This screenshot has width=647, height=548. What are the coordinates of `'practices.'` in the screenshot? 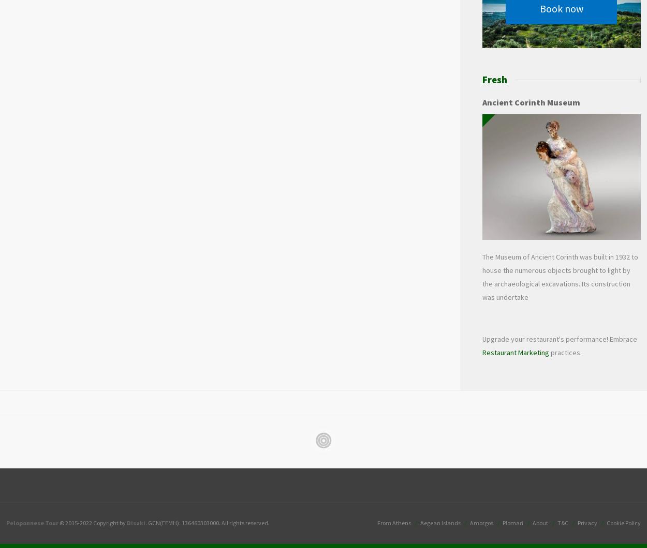 It's located at (564, 352).